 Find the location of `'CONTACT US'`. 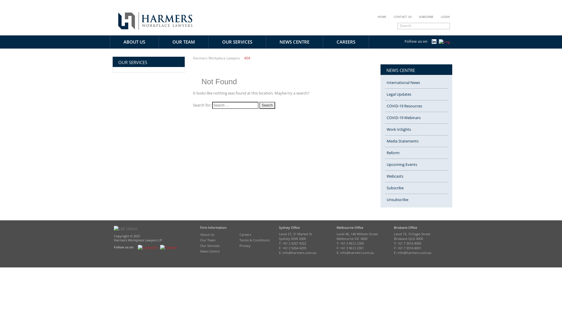

'CONTACT US' is located at coordinates (402, 16).